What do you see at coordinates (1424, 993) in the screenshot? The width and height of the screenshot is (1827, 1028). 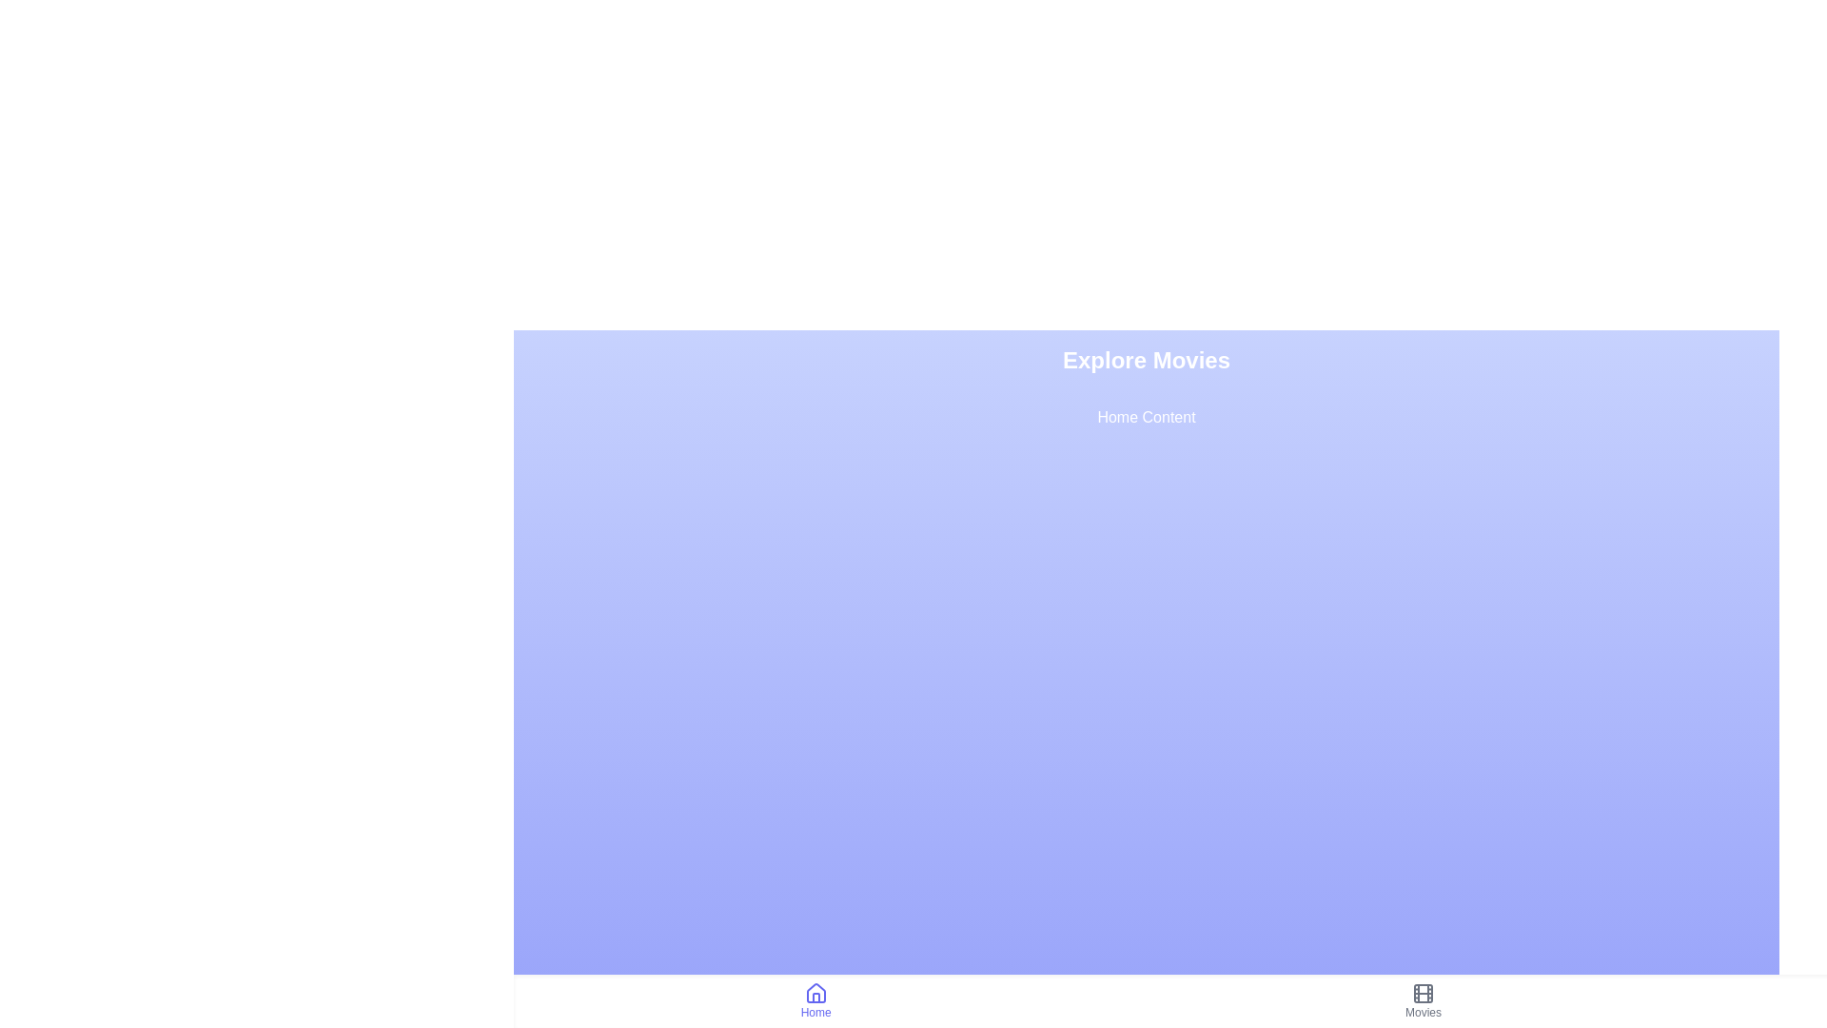 I see `the 'Movies' icon located in the center of the navigation bar at the bottom of the interface` at bounding box center [1424, 993].